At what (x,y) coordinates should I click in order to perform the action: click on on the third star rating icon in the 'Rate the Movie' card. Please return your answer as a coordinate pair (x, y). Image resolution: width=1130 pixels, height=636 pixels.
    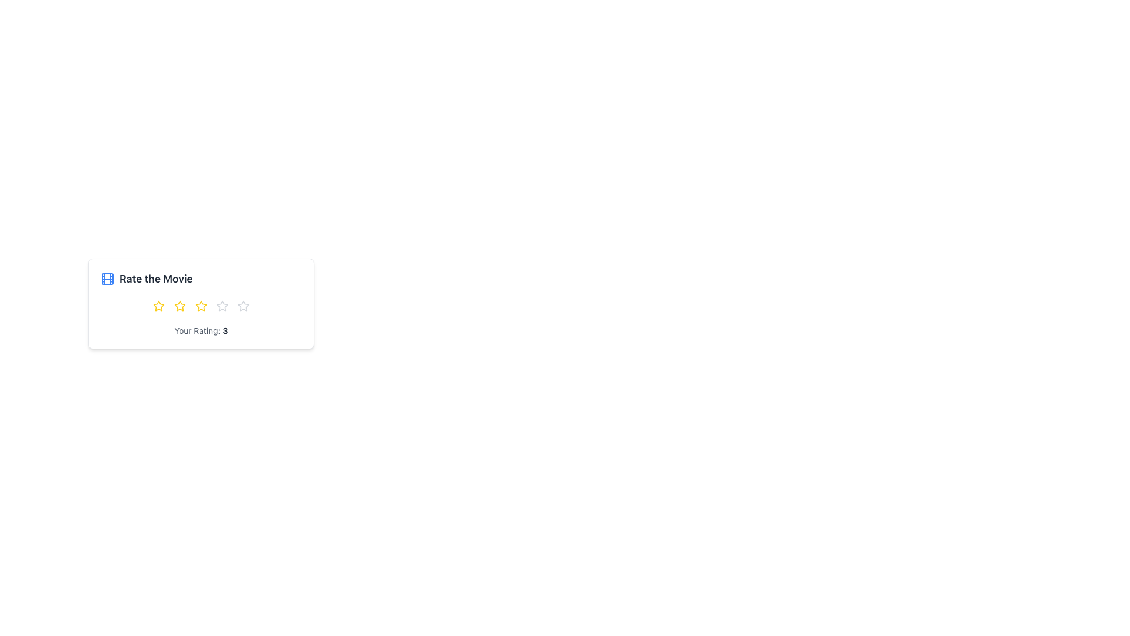
    Looking at the image, I should click on (222, 305).